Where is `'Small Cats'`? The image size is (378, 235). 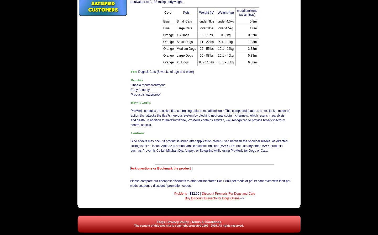
'Small Cats' is located at coordinates (184, 21).